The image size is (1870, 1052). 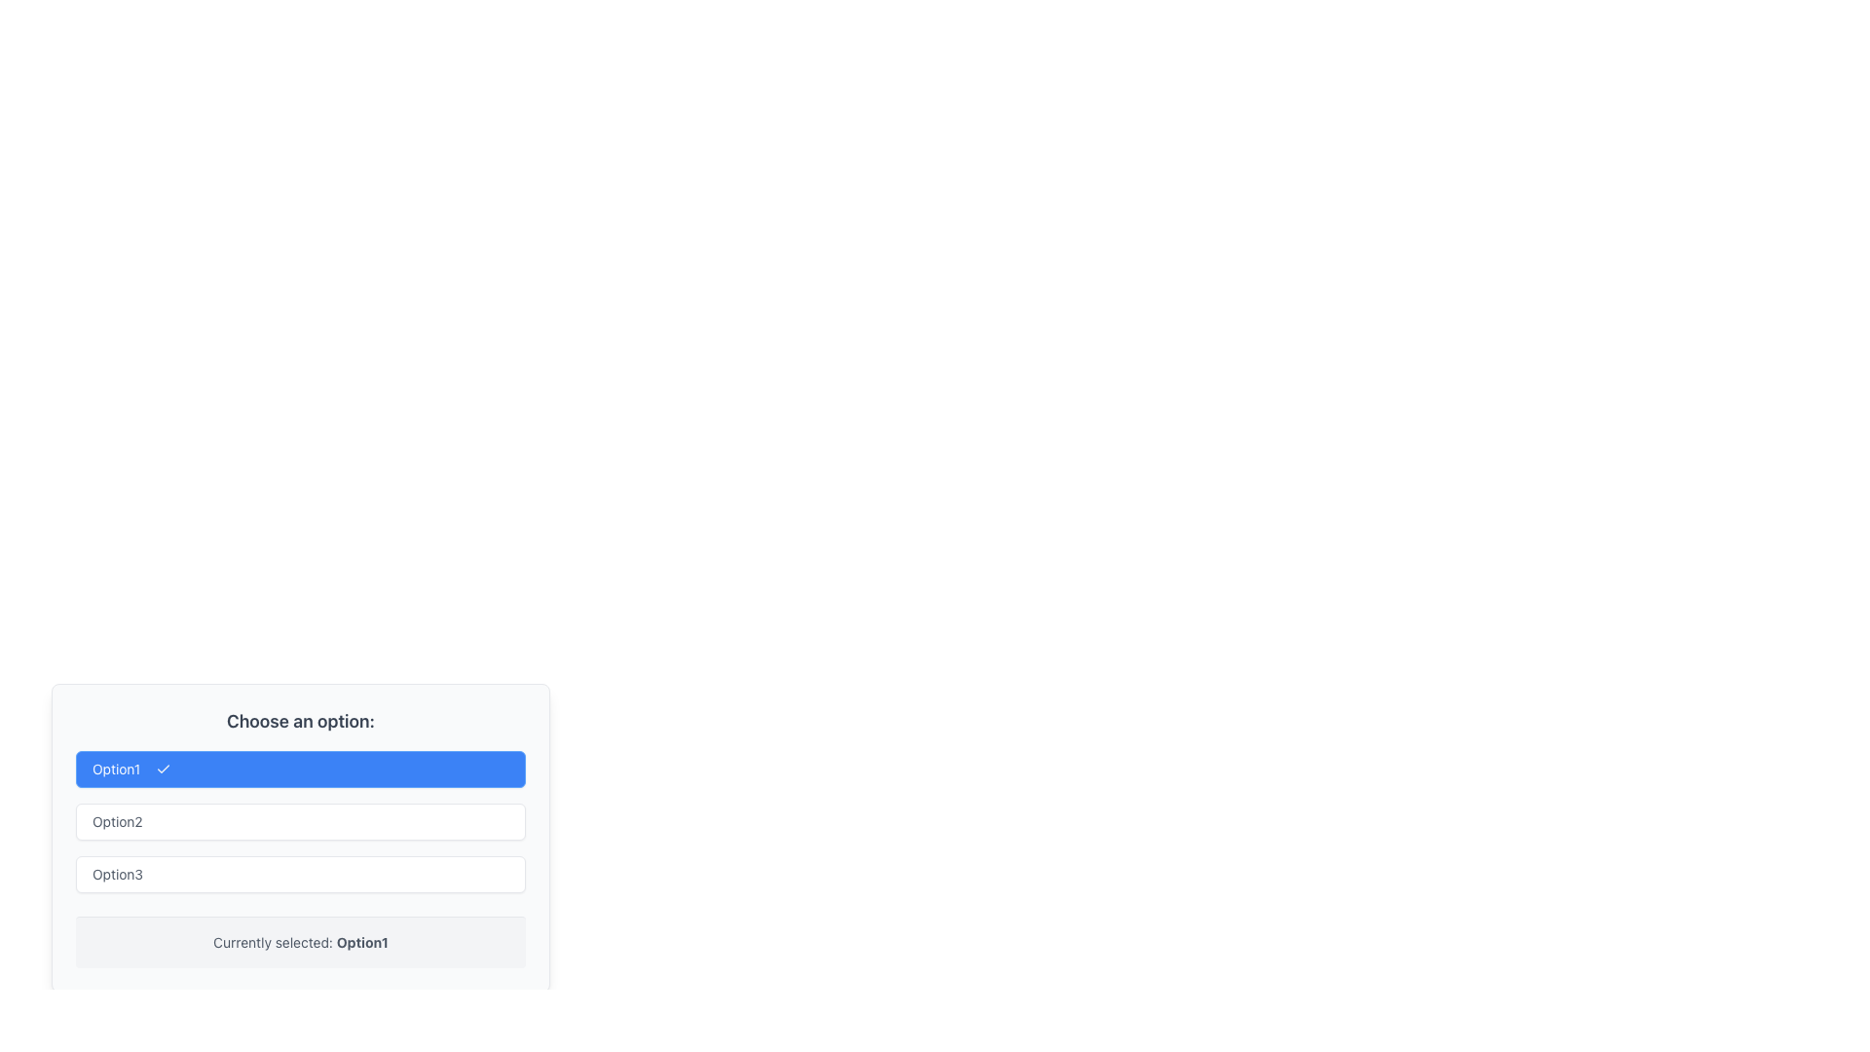 What do you see at coordinates (164, 769) in the screenshot?
I see `the checkmark icon with a blue background and white strokes, located to the right of the 'Option1' button` at bounding box center [164, 769].